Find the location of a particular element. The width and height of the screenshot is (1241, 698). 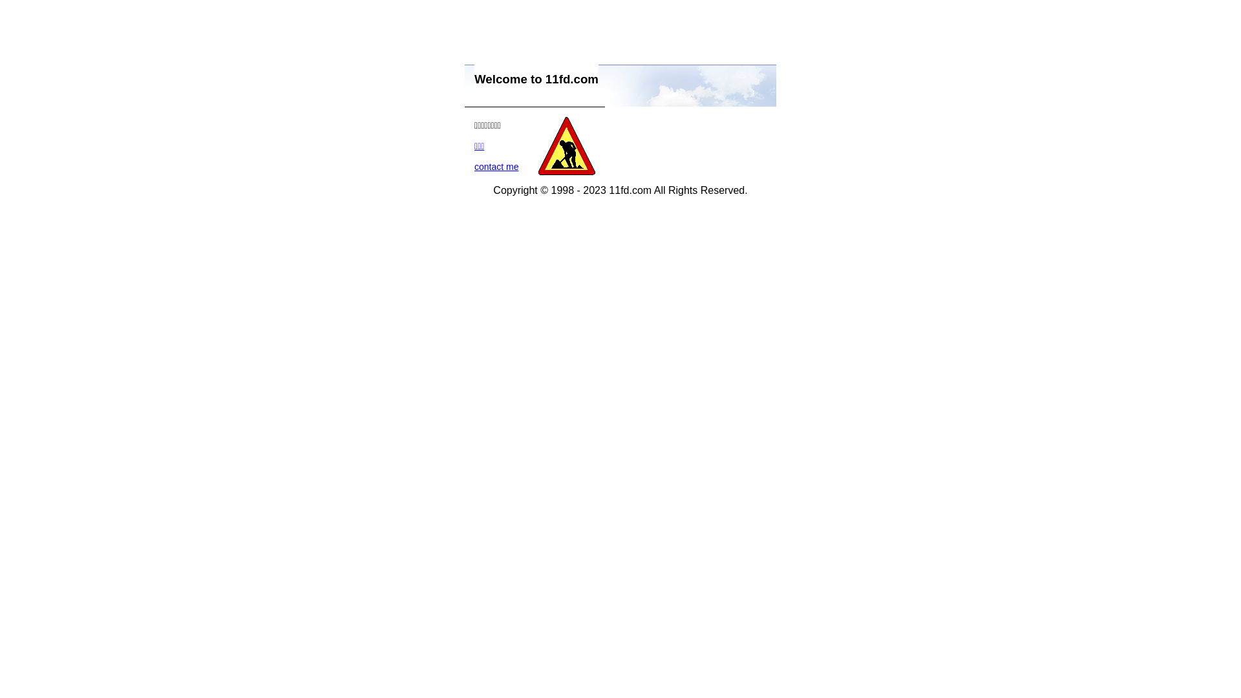

'contact me' is located at coordinates (496, 166).